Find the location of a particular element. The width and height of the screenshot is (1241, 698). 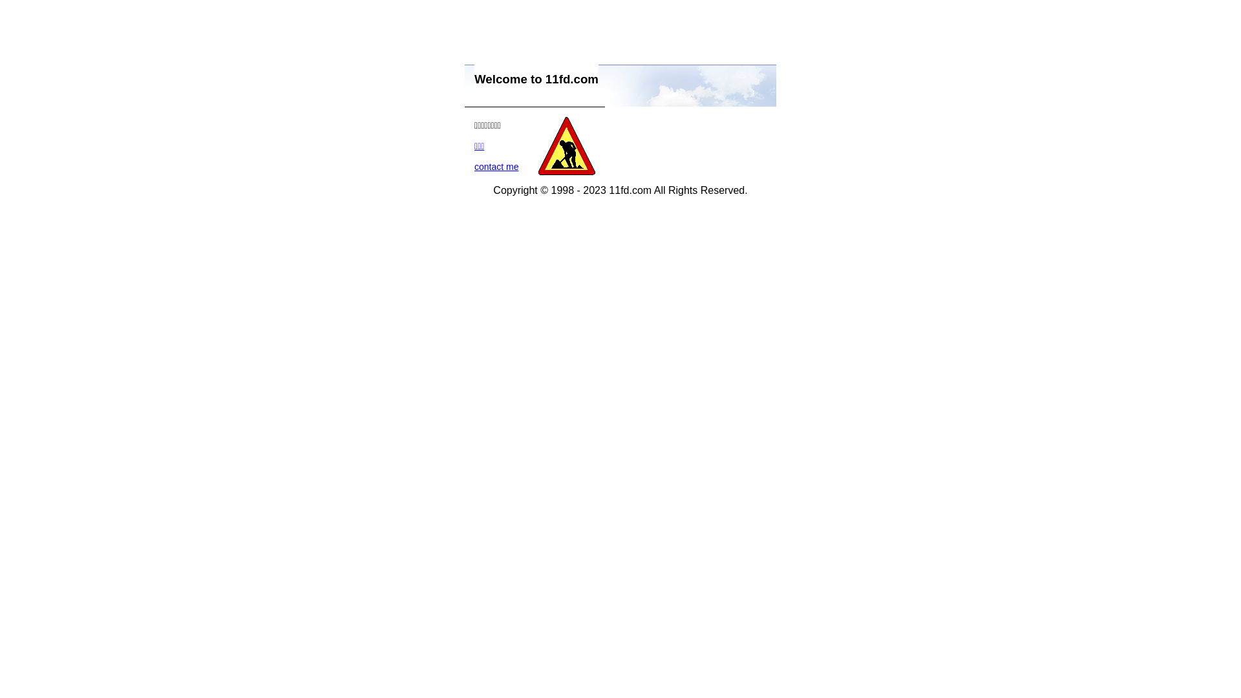

'contact me' is located at coordinates (496, 166).